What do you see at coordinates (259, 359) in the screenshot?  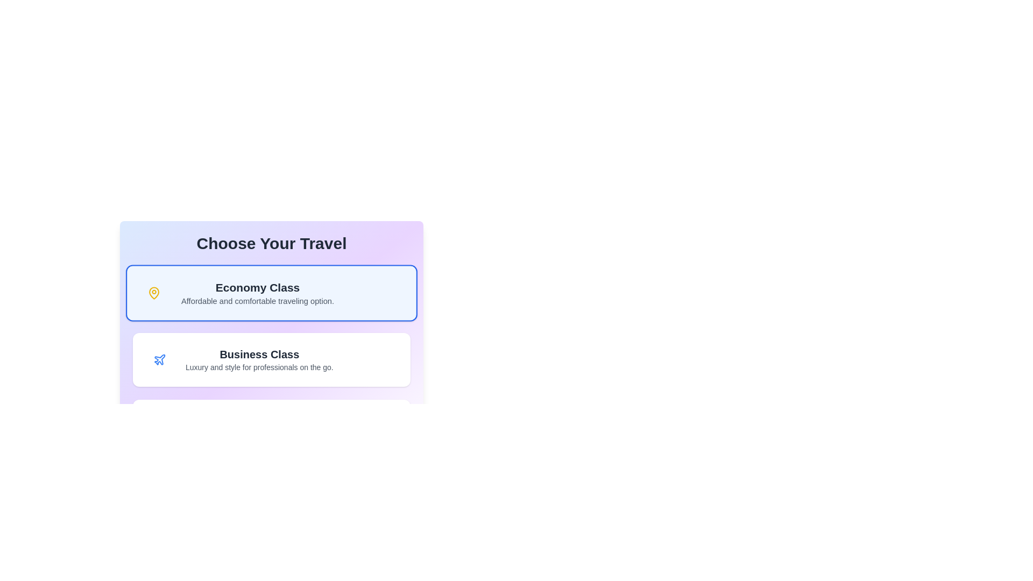 I see `the static information display that describes the 'Business Class' option, which is positioned below the 'Economy Class' section and features a title and subtitle` at bounding box center [259, 359].